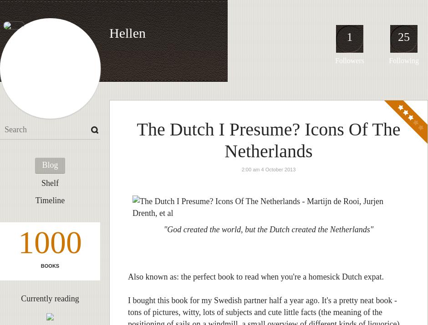  What do you see at coordinates (349, 37) in the screenshot?
I see `'1'` at bounding box center [349, 37].